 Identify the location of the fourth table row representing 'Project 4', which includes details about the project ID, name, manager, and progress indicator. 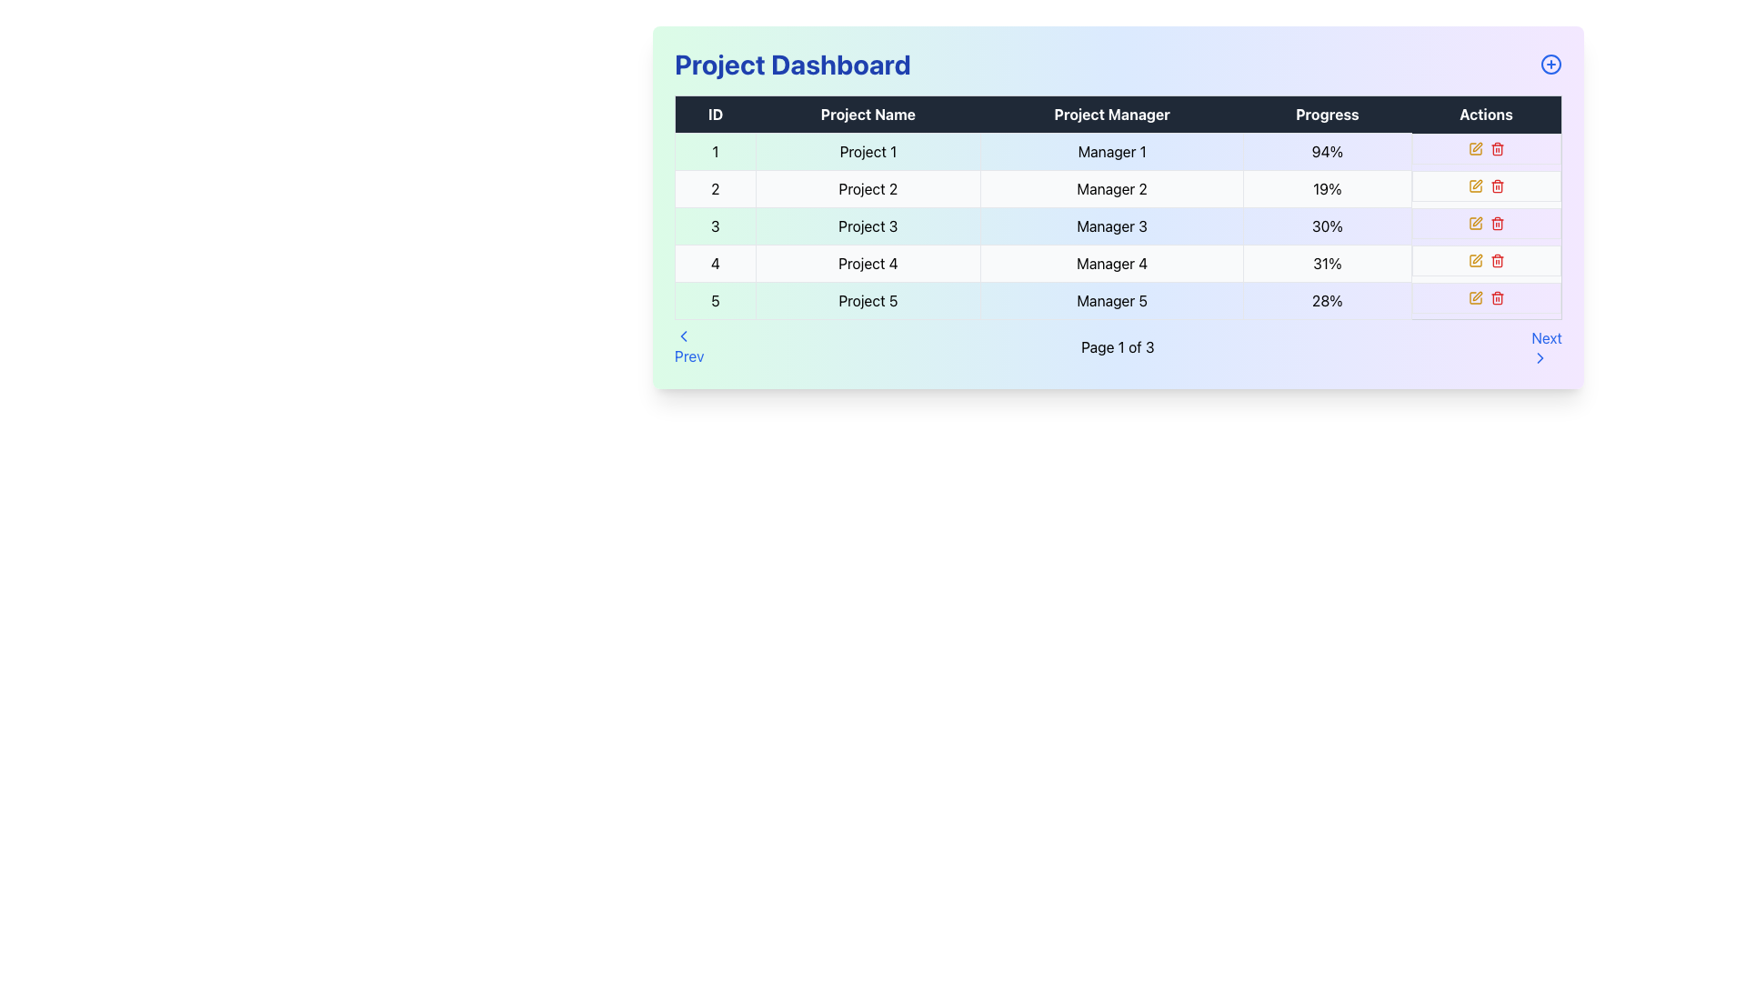
(1117, 263).